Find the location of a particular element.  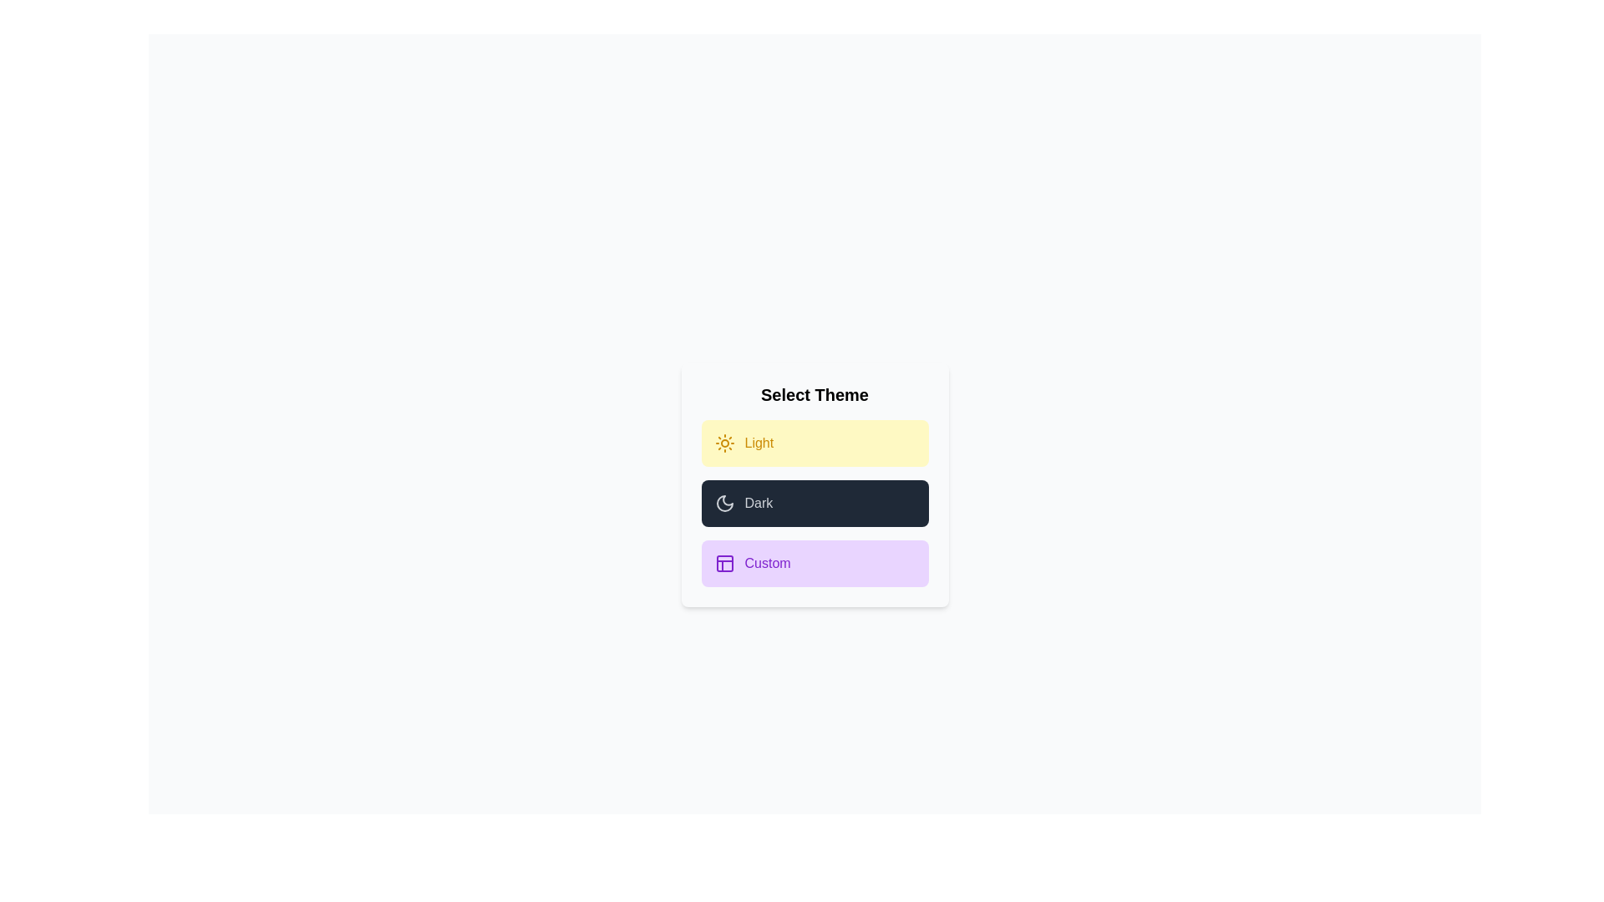

the button located at the bottom of the 'Select Theme' section, directly below the 'Dark' button is located at coordinates (815, 564).